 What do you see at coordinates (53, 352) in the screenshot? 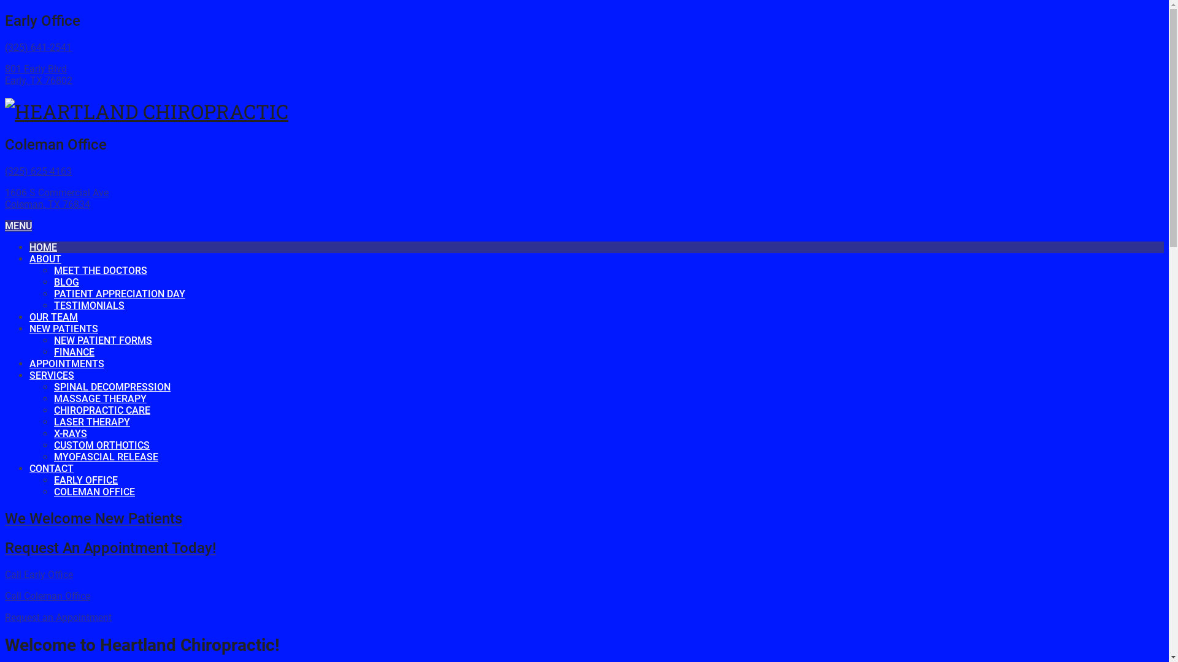
I see `'FINANCE'` at bounding box center [53, 352].